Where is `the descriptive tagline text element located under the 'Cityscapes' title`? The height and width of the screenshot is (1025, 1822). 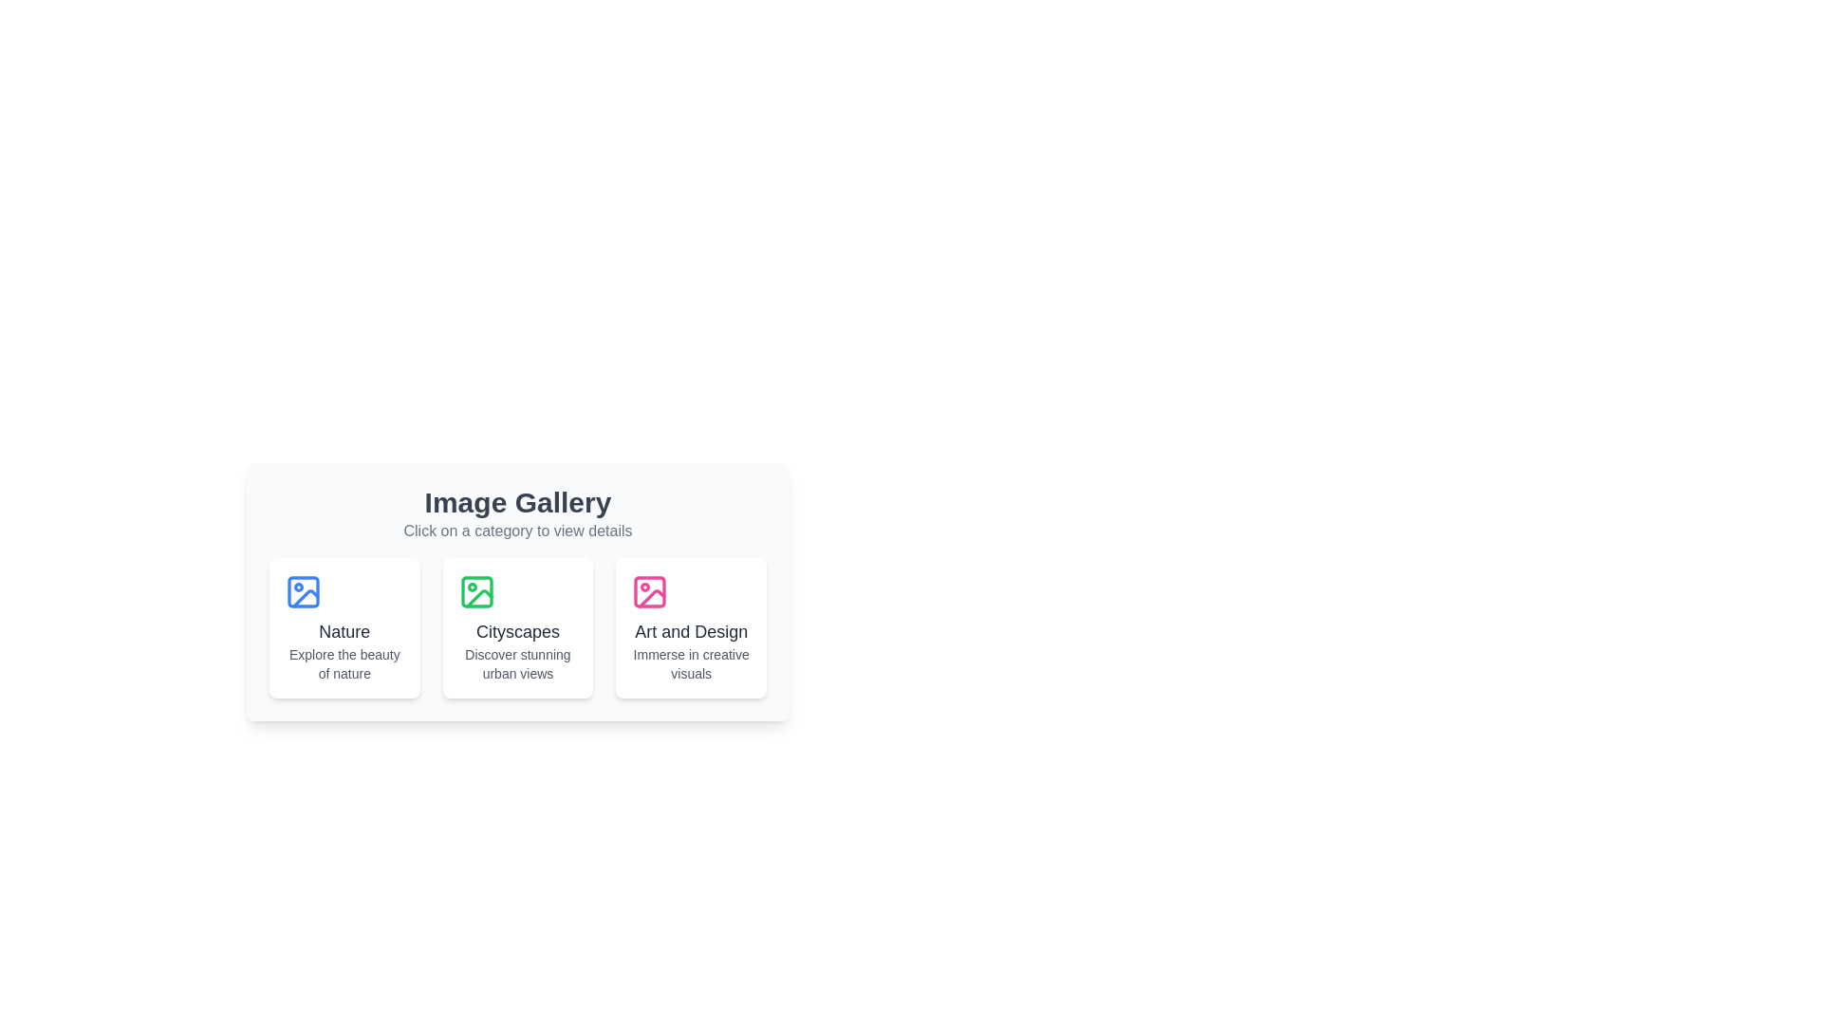
the descriptive tagline text element located under the 'Cityscapes' title is located at coordinates (518, 662).